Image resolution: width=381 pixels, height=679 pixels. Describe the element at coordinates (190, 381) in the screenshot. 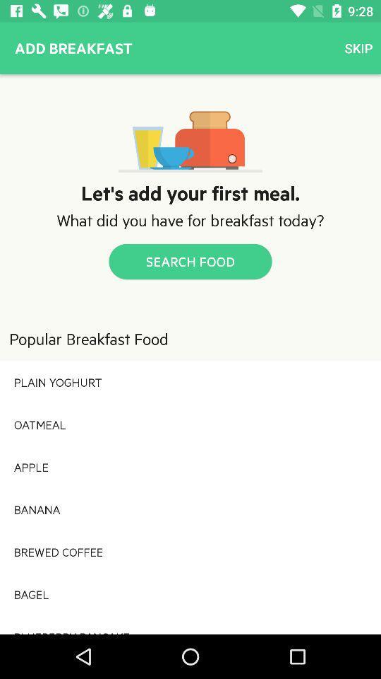

I see `the plain yoghurt` at that location.